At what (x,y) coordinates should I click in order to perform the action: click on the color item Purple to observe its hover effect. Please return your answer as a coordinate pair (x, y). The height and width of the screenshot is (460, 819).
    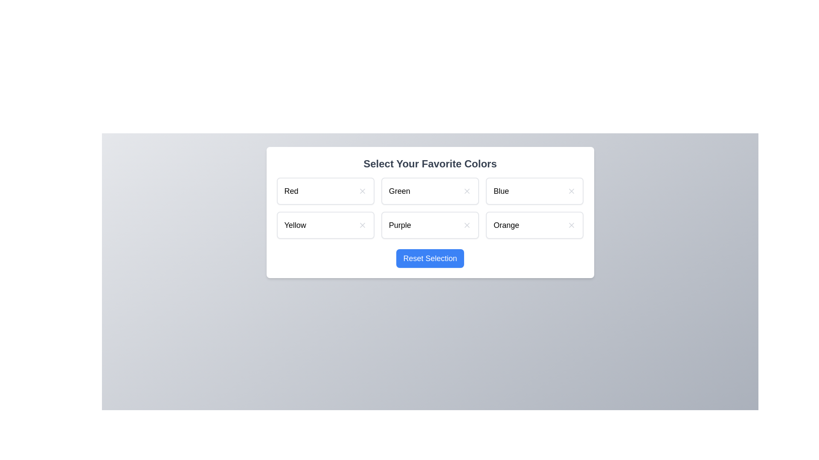
    Looking at the image, I should click on (430, 224).